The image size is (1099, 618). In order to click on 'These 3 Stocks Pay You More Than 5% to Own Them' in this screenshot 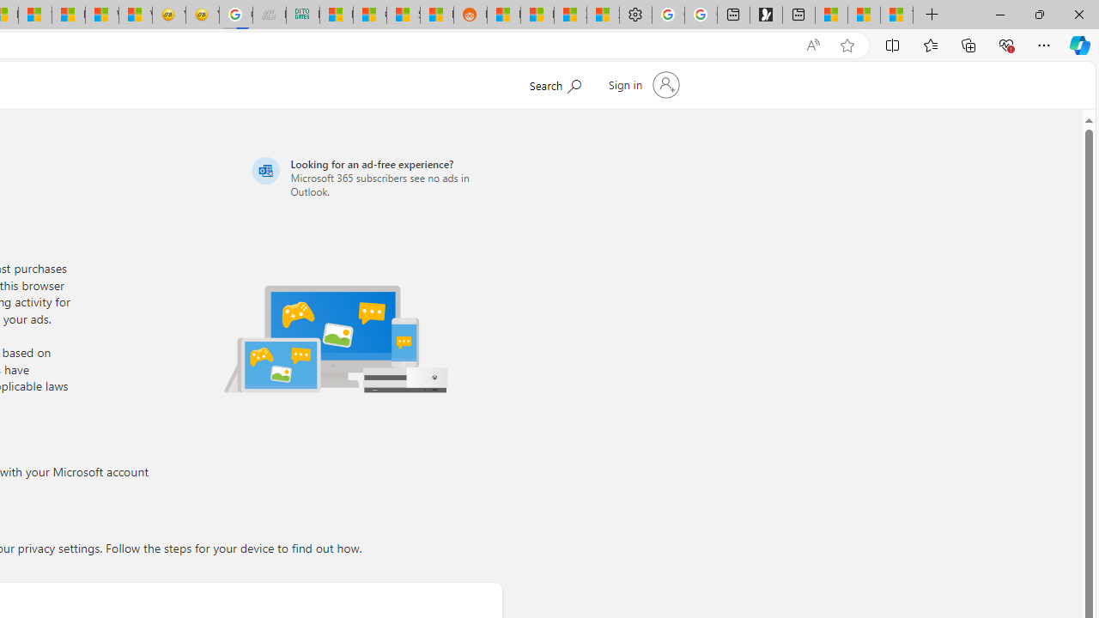, I will do `click(896, 15)`.